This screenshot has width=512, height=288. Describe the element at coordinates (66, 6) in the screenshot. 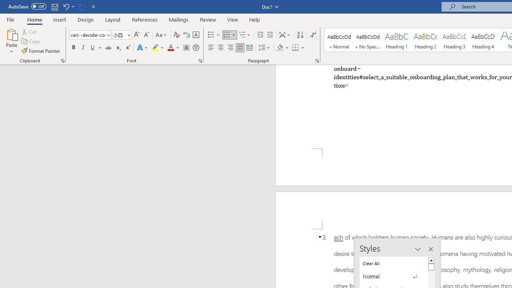

I see `'Undo Apply Quick Style'` at that location.